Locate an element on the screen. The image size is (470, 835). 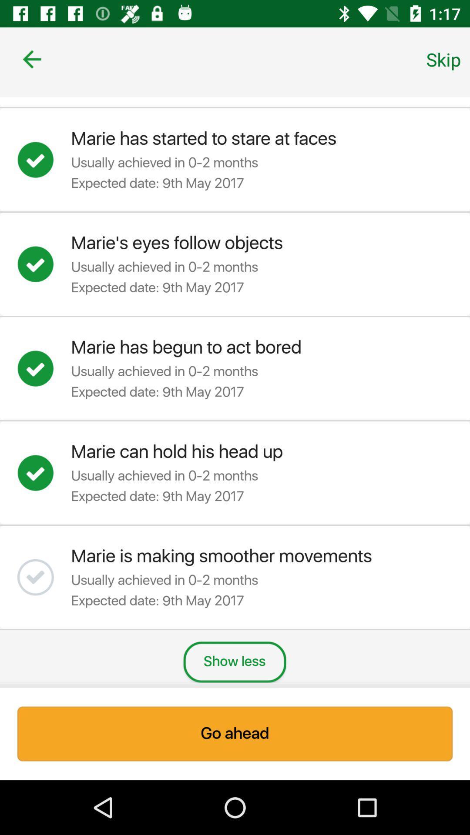
skip is located at coordinates (443, 59).